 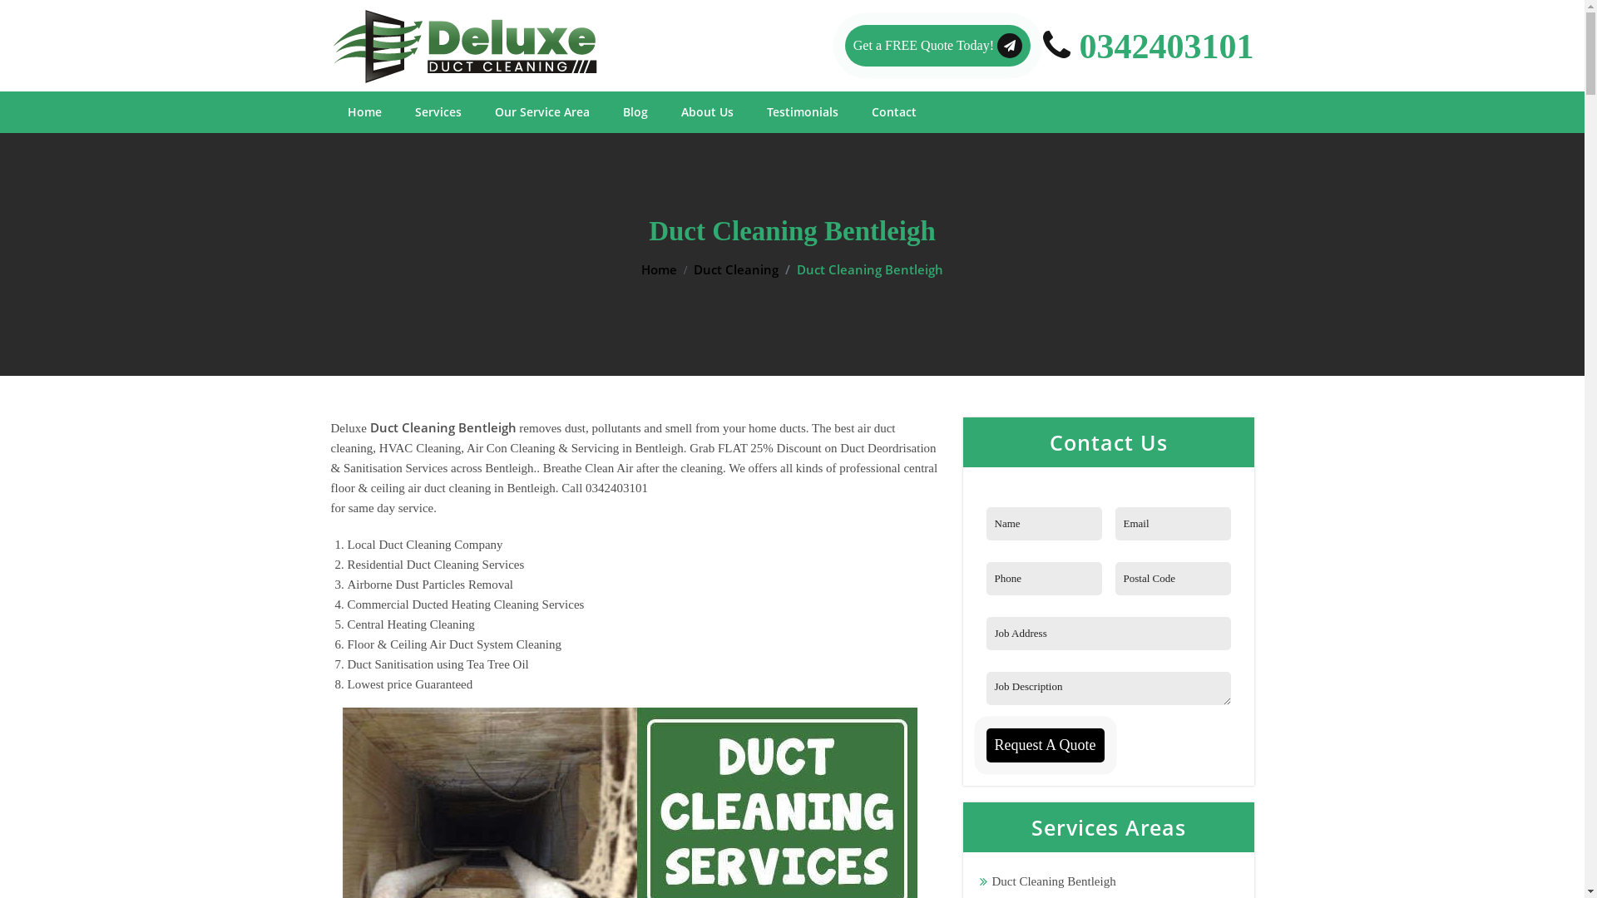 I want to click on 'Services', so click(x=438, y=112).